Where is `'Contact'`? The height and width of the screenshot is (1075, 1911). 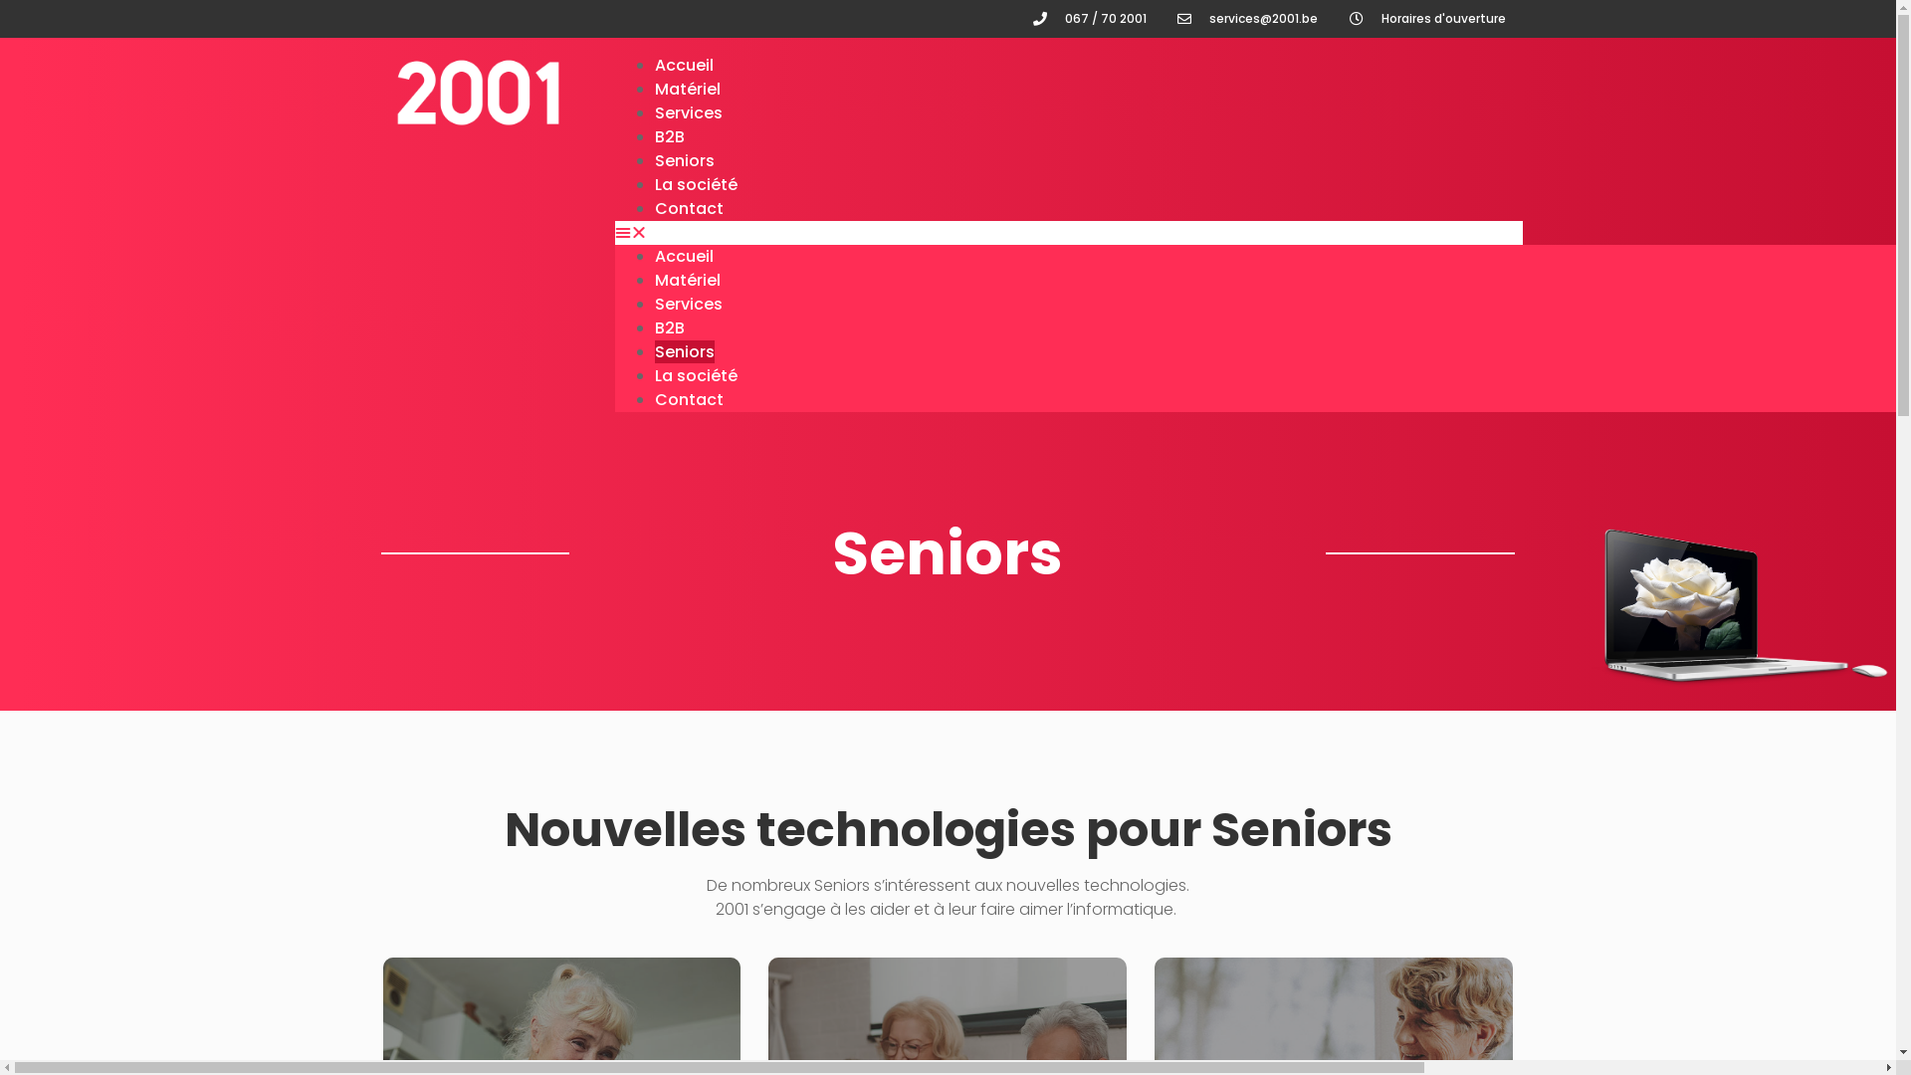 'Contact' is located at coordinates (689, 208).